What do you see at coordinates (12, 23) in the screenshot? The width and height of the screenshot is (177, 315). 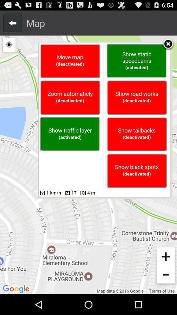 I see `previous` at bounding box center [12, 23].